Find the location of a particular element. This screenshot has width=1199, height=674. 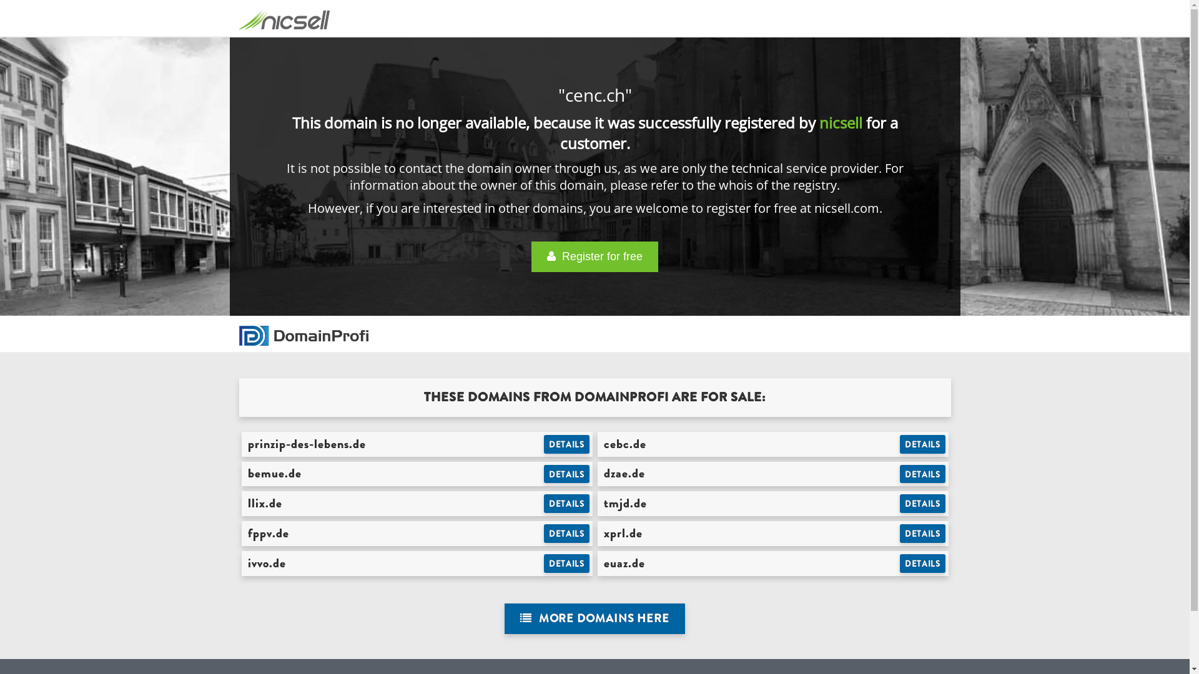

'DETAILS' is located at coordinates (899, 444).